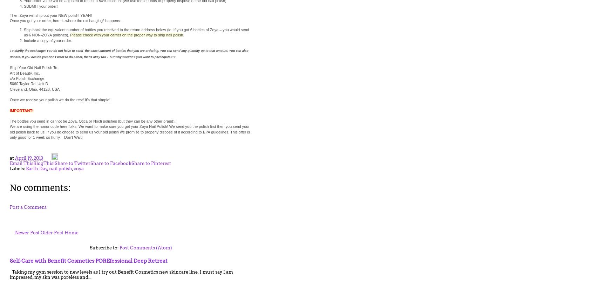 Image resolution: width=599 pixels, height=282 pixels. I want to click on 'Share to Pinterest', so click(151, 163).